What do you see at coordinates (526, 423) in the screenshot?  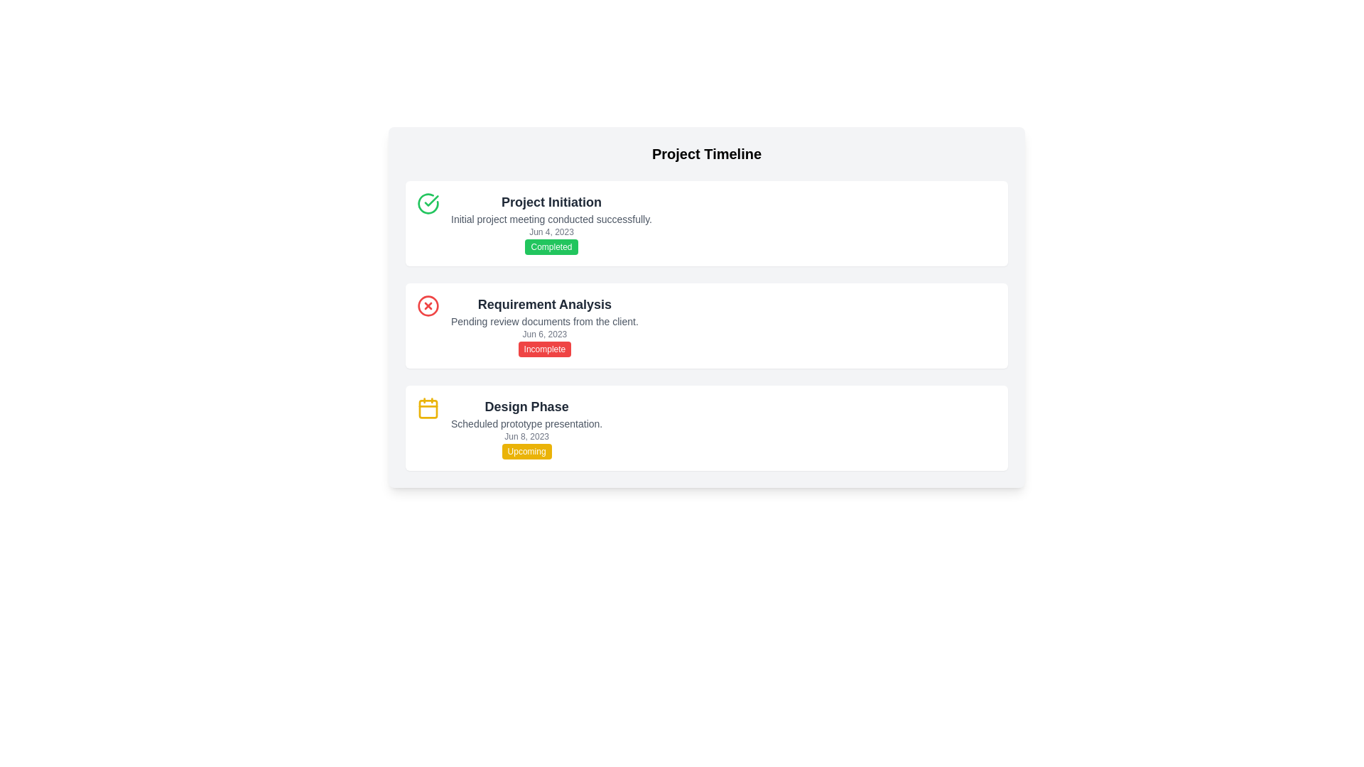 I see `the text element that says 'Scheduled prototype presentation.' located in the 'Design Phase' section of the timeline UI` at bounding box center [526, 423].